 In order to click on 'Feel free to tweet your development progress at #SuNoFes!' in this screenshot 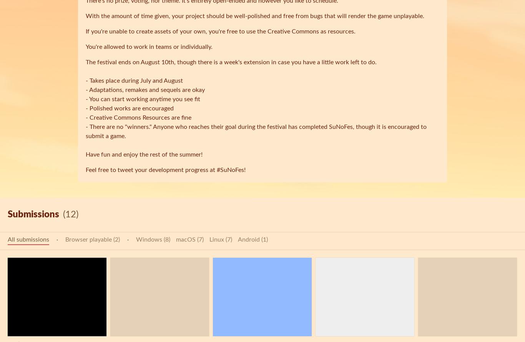, I will do `click(165, 170)`.